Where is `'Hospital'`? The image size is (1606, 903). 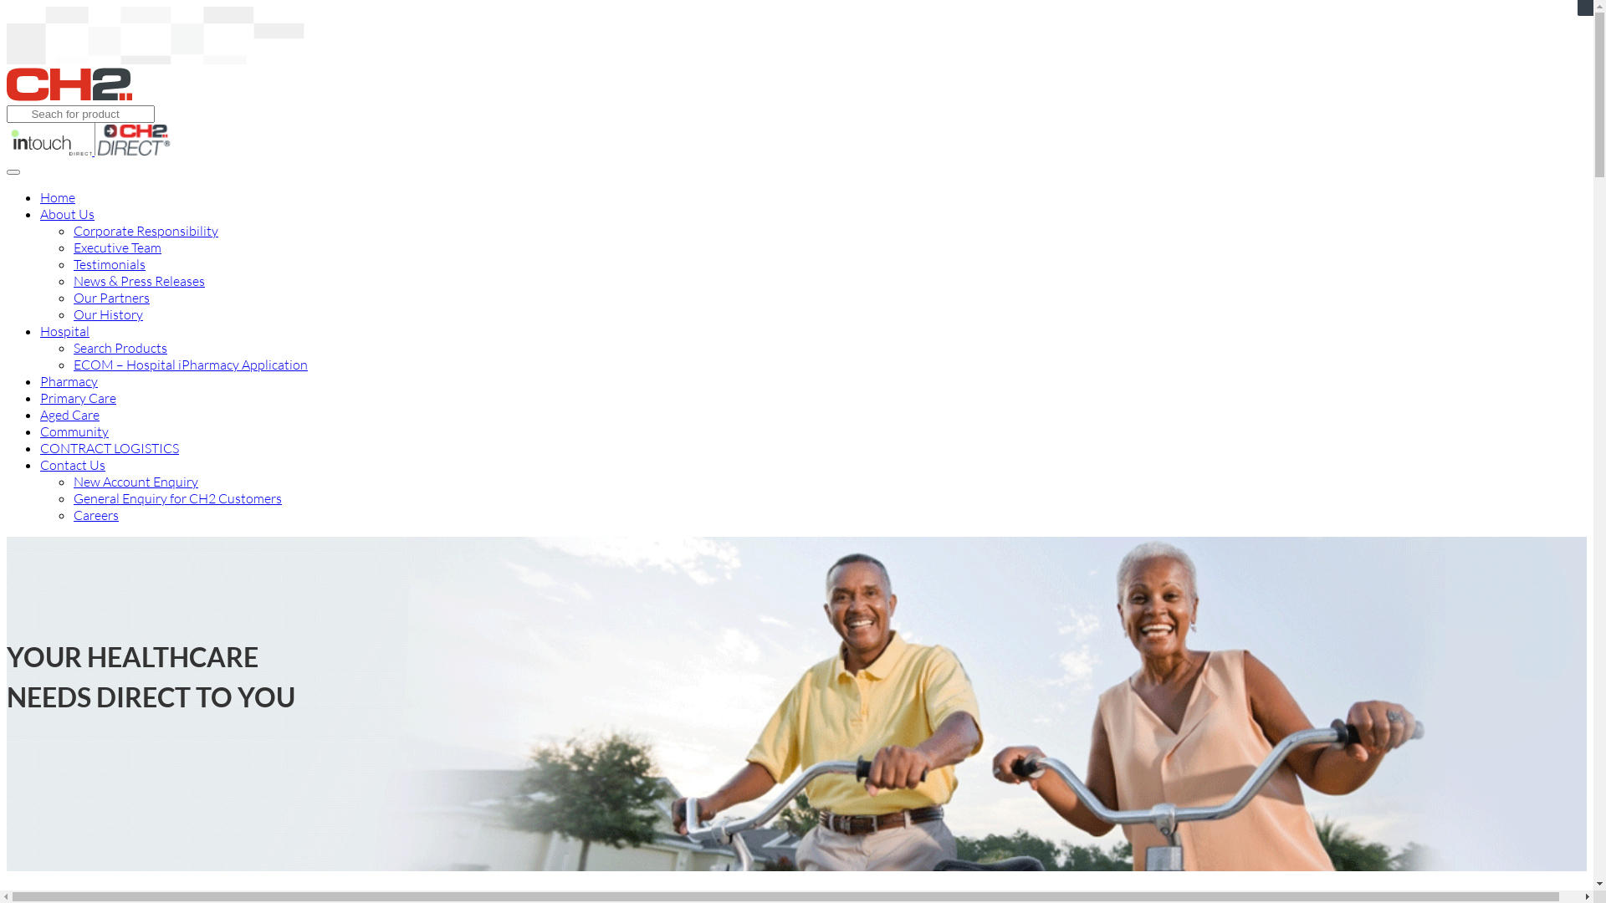
'Hospital' is located at coordinates (64, 331).